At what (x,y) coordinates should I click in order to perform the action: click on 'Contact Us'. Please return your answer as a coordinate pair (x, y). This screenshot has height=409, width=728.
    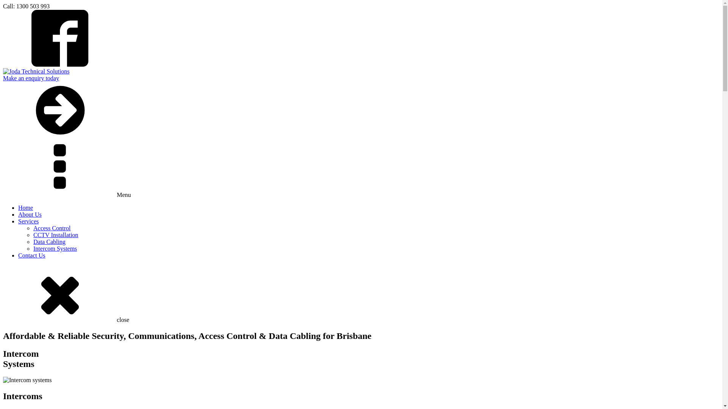
    Looking at the image, I should click on (31, 255).